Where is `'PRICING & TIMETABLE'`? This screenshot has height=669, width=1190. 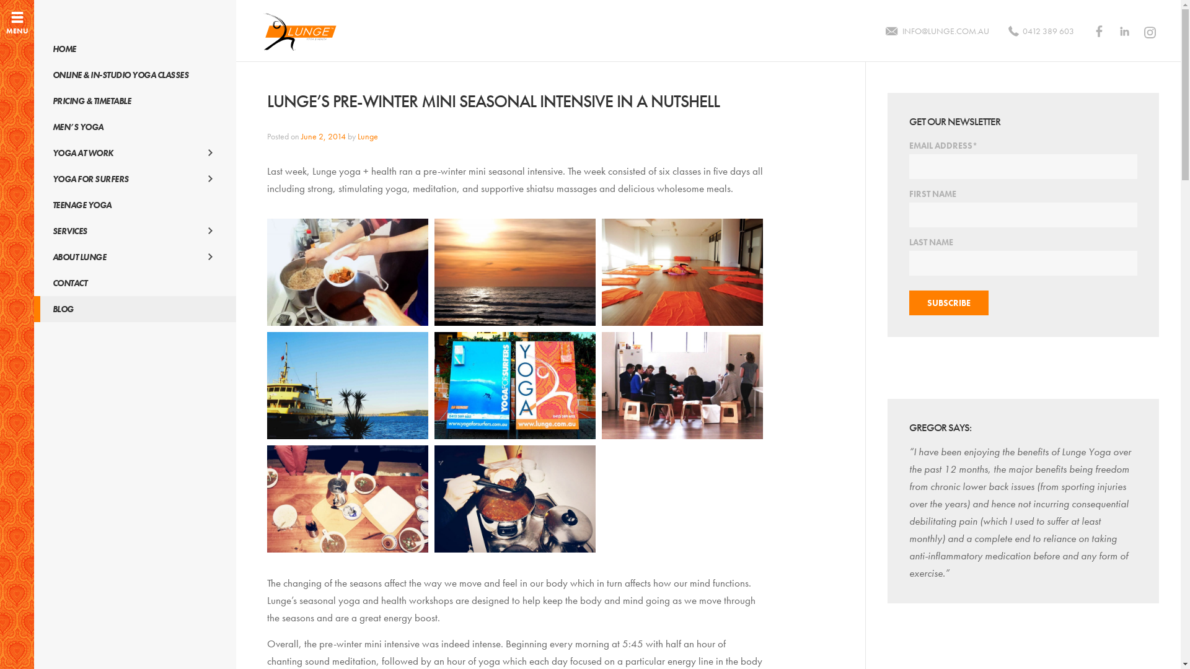 'PRICING & TIMETABLE' is located at coordinates (134, 100).